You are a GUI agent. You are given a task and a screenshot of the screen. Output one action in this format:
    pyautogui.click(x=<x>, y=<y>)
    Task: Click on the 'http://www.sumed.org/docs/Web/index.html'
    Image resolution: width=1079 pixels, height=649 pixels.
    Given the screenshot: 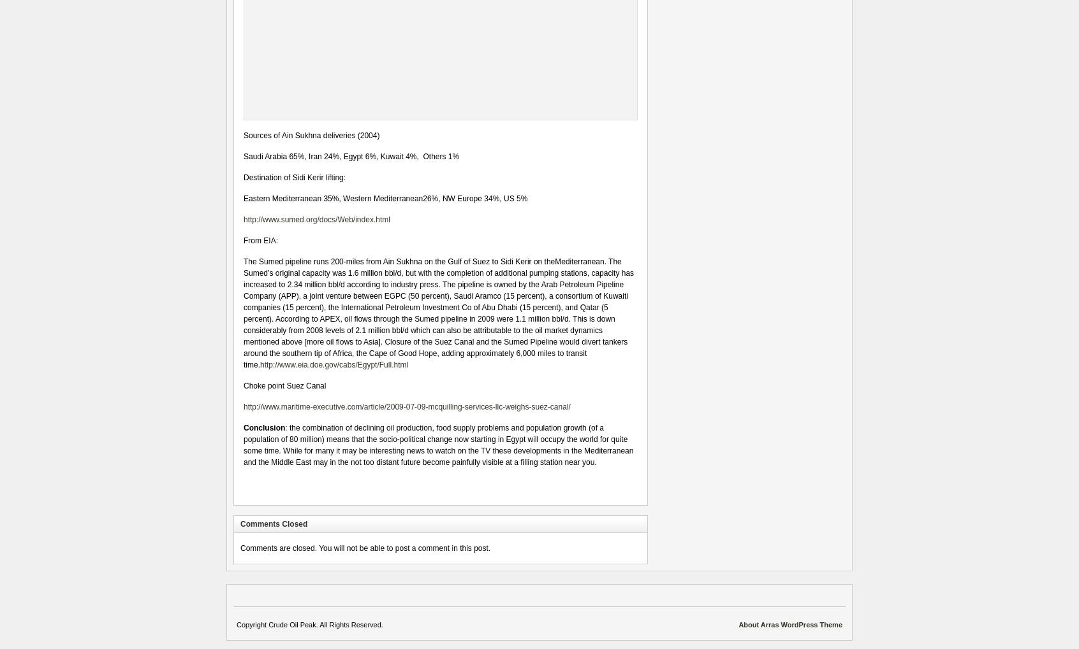 What is the action you would take?
    pyautogui.click(x=316, y=220)
    